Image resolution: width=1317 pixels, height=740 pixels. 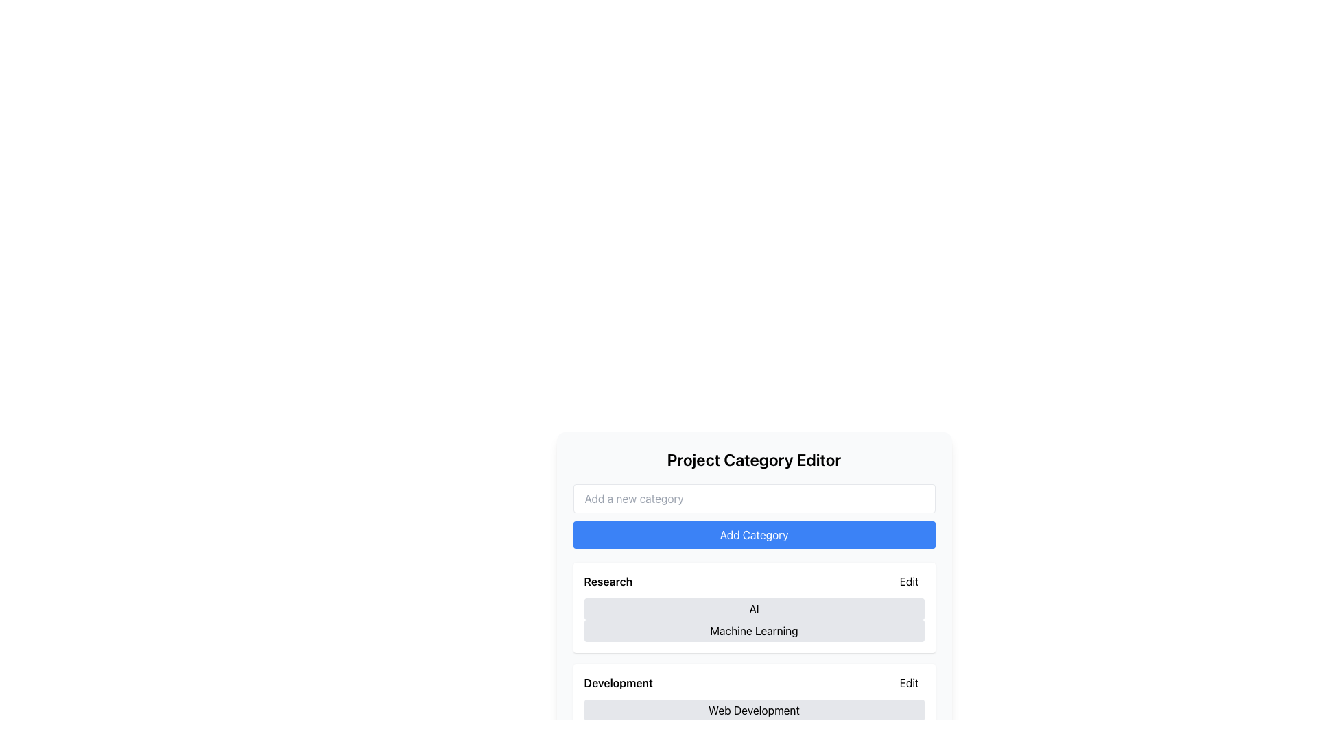 I want to click on the text group displaying 'AI' and 'Machine Learning', which is positioned under the heading 'Research' and adjacent to 'Edit', so click(x=753, y=620).